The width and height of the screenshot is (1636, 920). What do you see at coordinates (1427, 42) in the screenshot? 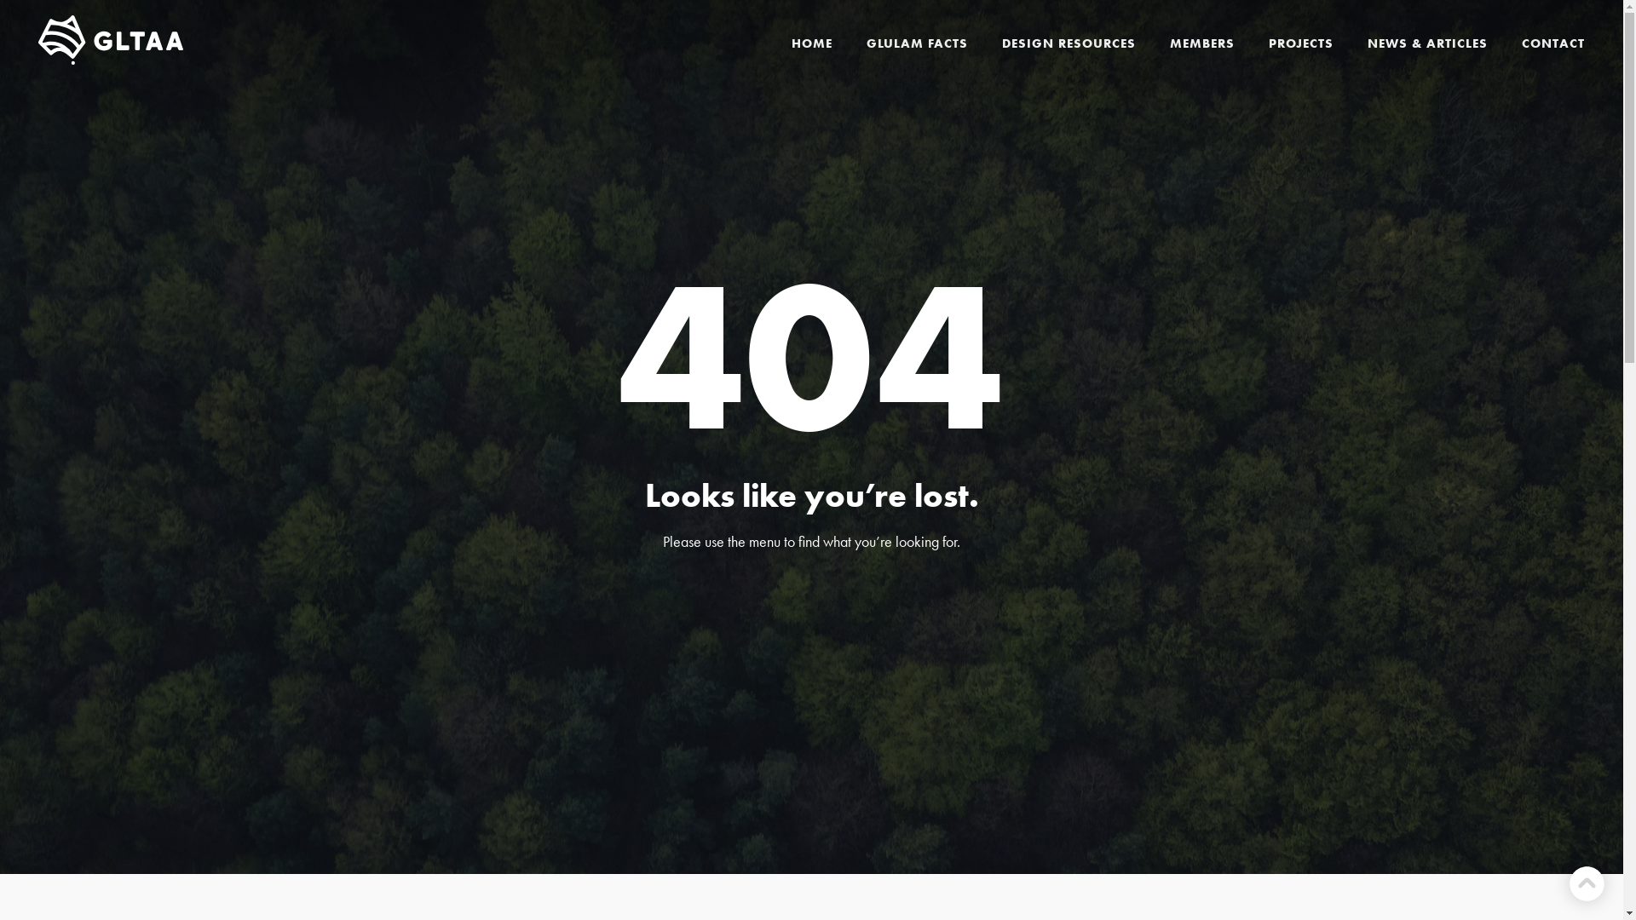
I see `'NEWS & ARTICLES'` at bounding box center [1427, 42].